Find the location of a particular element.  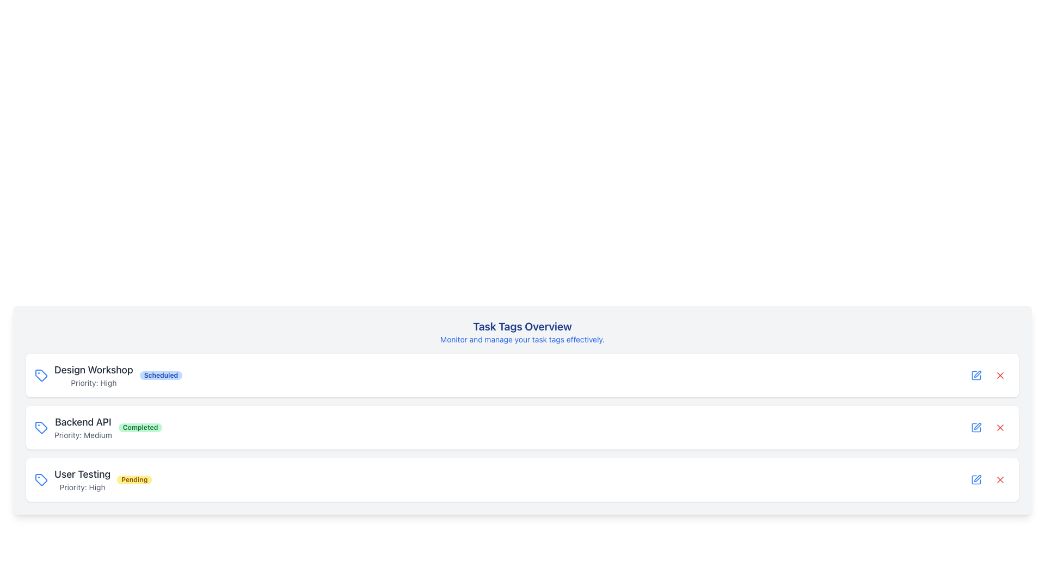

the delete button located on the far right side of the task 'Design Workshop' is located at coordinates (1000, 374).